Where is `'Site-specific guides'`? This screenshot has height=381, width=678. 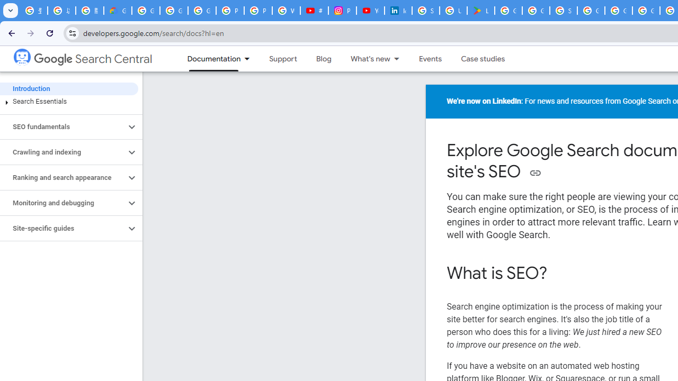 'Site-specific guides' is located at coordinates (62, 228).